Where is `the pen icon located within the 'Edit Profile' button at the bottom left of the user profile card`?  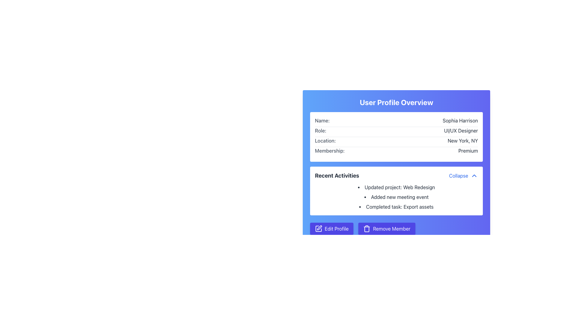 the pen icon located within the 'Edit Profile' button at the bottom left of the user profile card is located at coordinates (319, 228).